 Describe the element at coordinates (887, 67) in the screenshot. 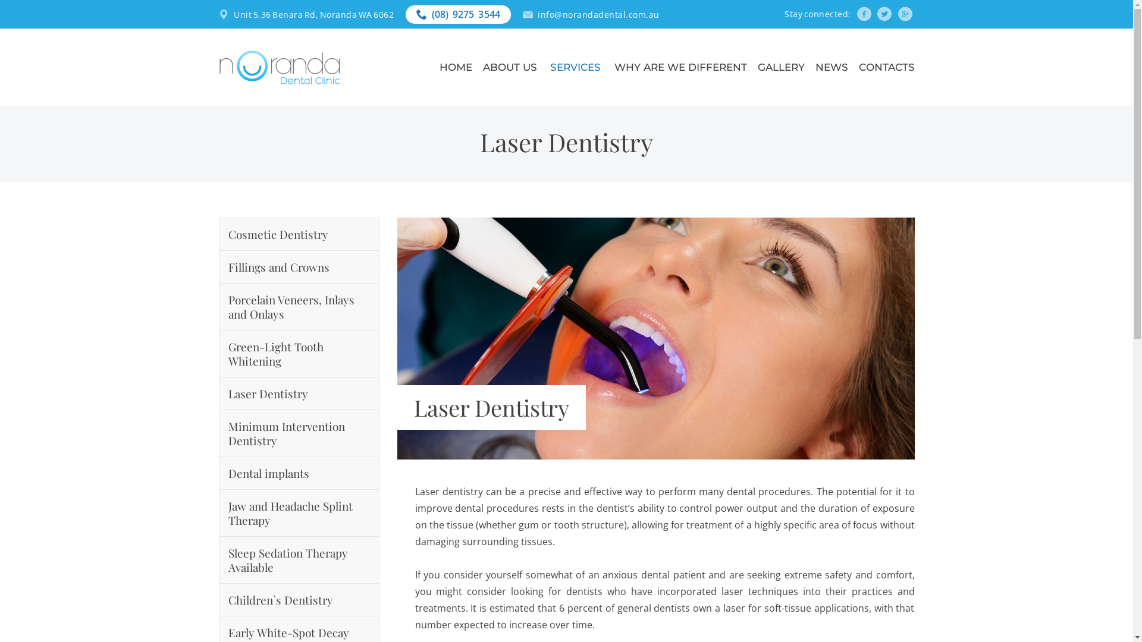

I see `'CONTACTS'` at that location.